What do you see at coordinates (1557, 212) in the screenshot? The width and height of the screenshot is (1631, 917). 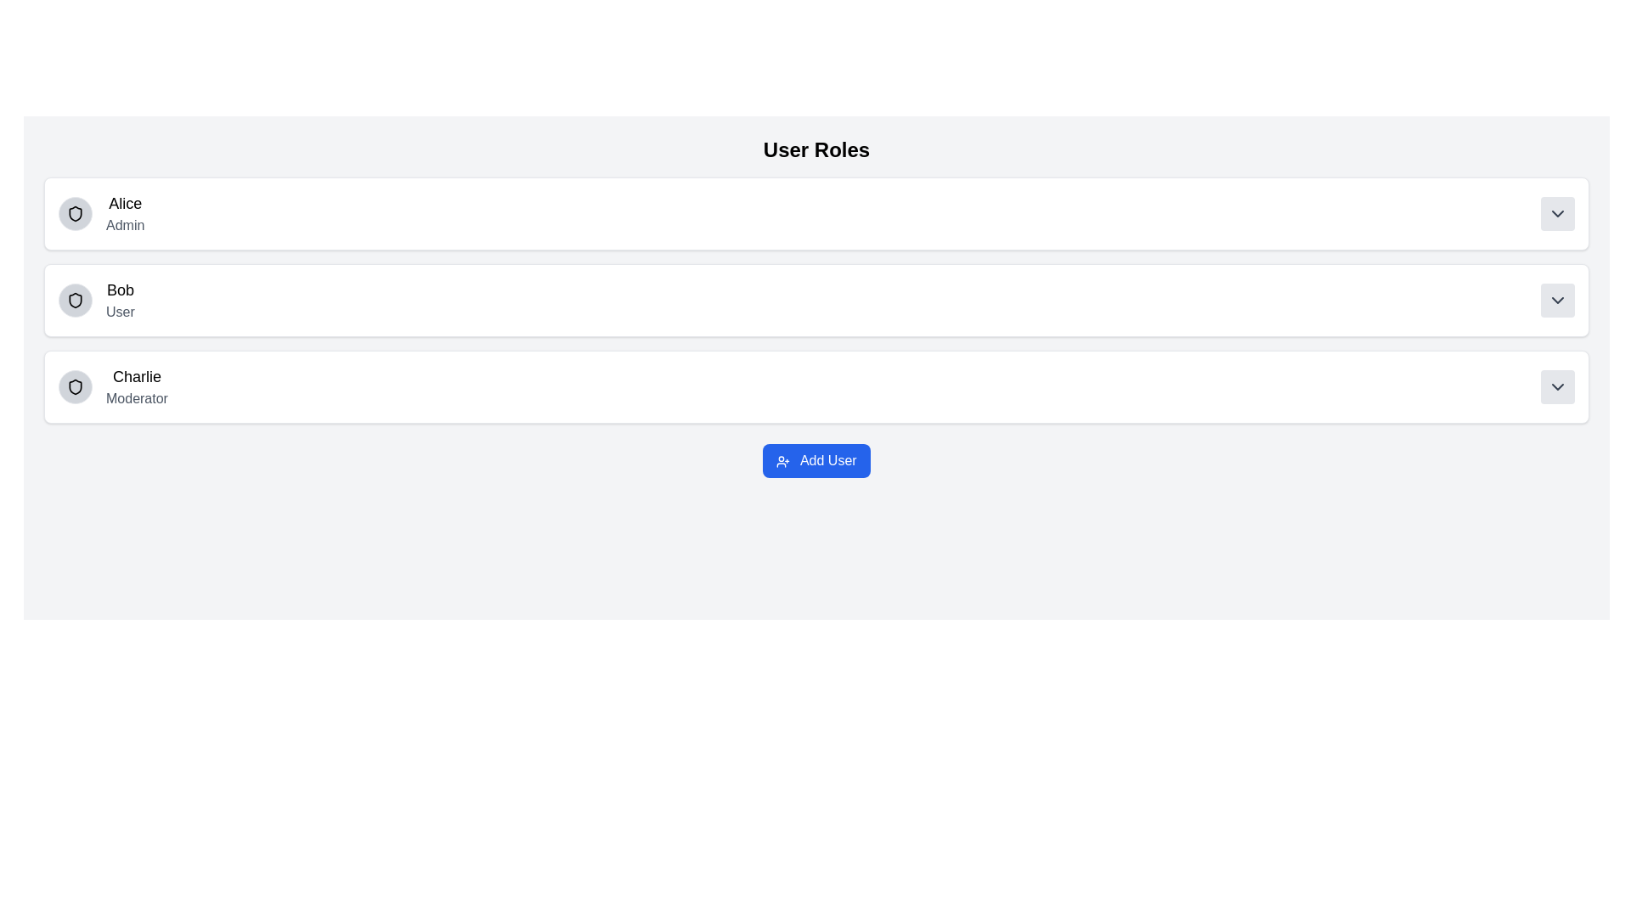 I see `the Dropdown button with a light gray background and rounded corners located at the far right side of the row corresponding to 'AliceAdmin'` at bounding box center [1557, 212].